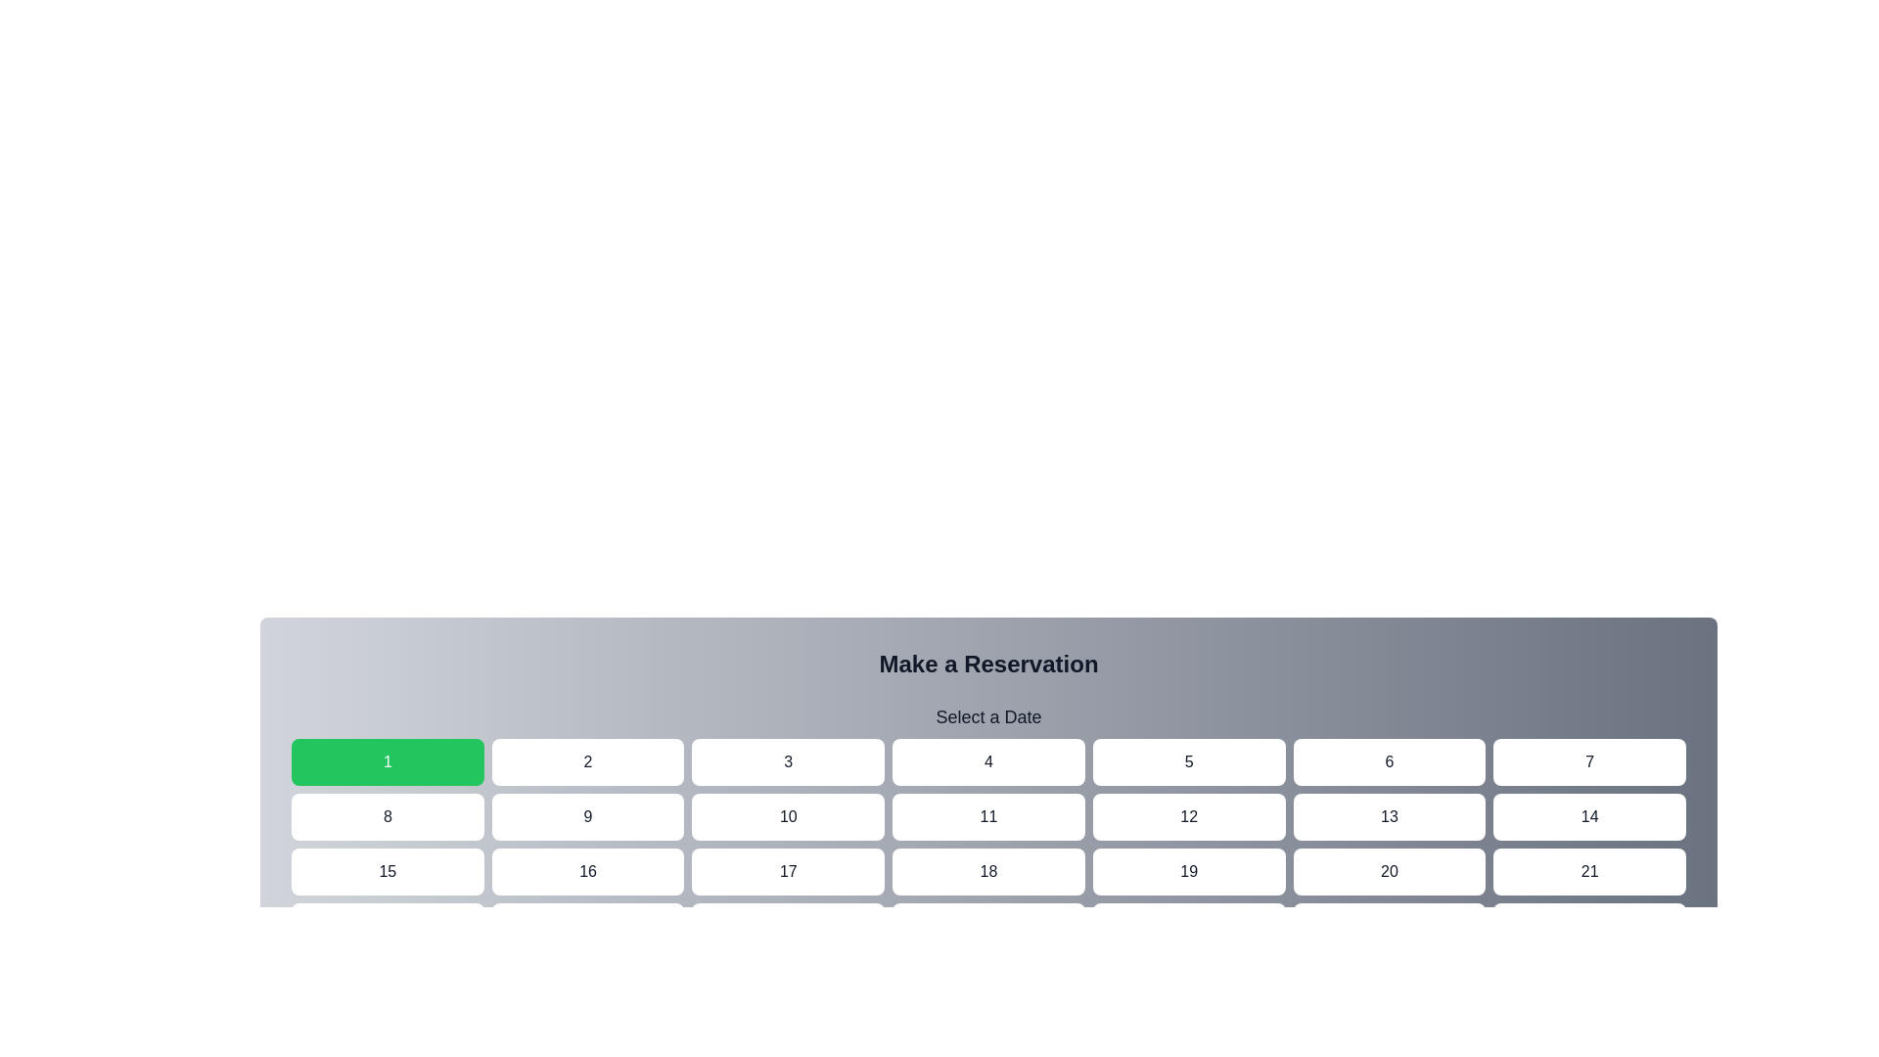 The height and width of the screenshot is (1057, 1879). What do you see at coordinates (1188, 761) in the screenshot?
I see `the button corresponding to the date '5' in the date picker grid` at bounding box center [1188, 761].